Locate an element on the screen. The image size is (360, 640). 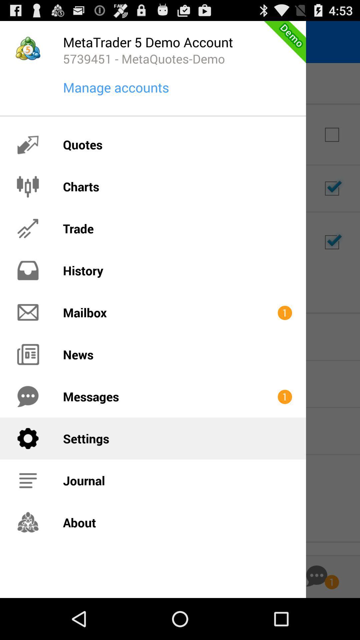
the chat icon is located at coordinates (316, 616).